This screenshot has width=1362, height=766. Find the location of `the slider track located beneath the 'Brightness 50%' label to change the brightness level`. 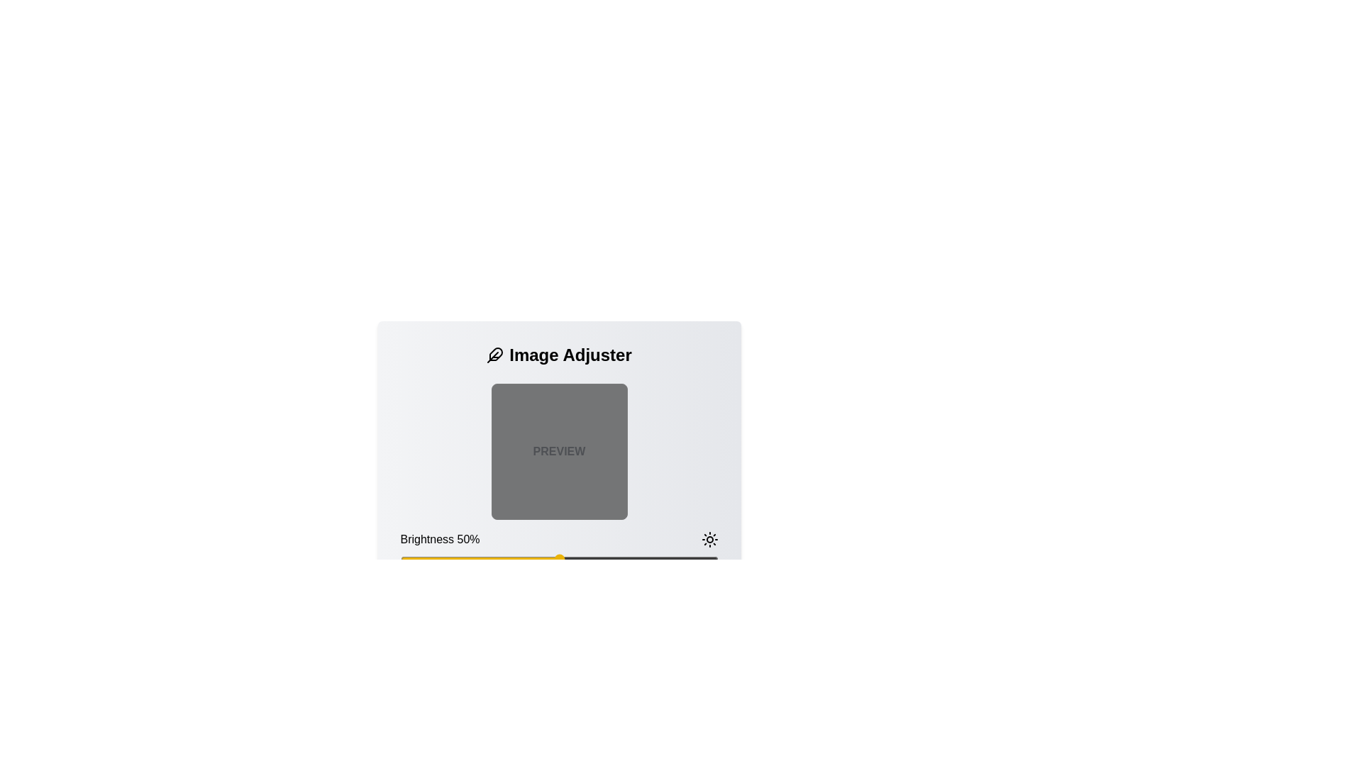

the slider track located beneath the 'Brightness 50%' label to change the brightness level is located at coordinates (558, 559).